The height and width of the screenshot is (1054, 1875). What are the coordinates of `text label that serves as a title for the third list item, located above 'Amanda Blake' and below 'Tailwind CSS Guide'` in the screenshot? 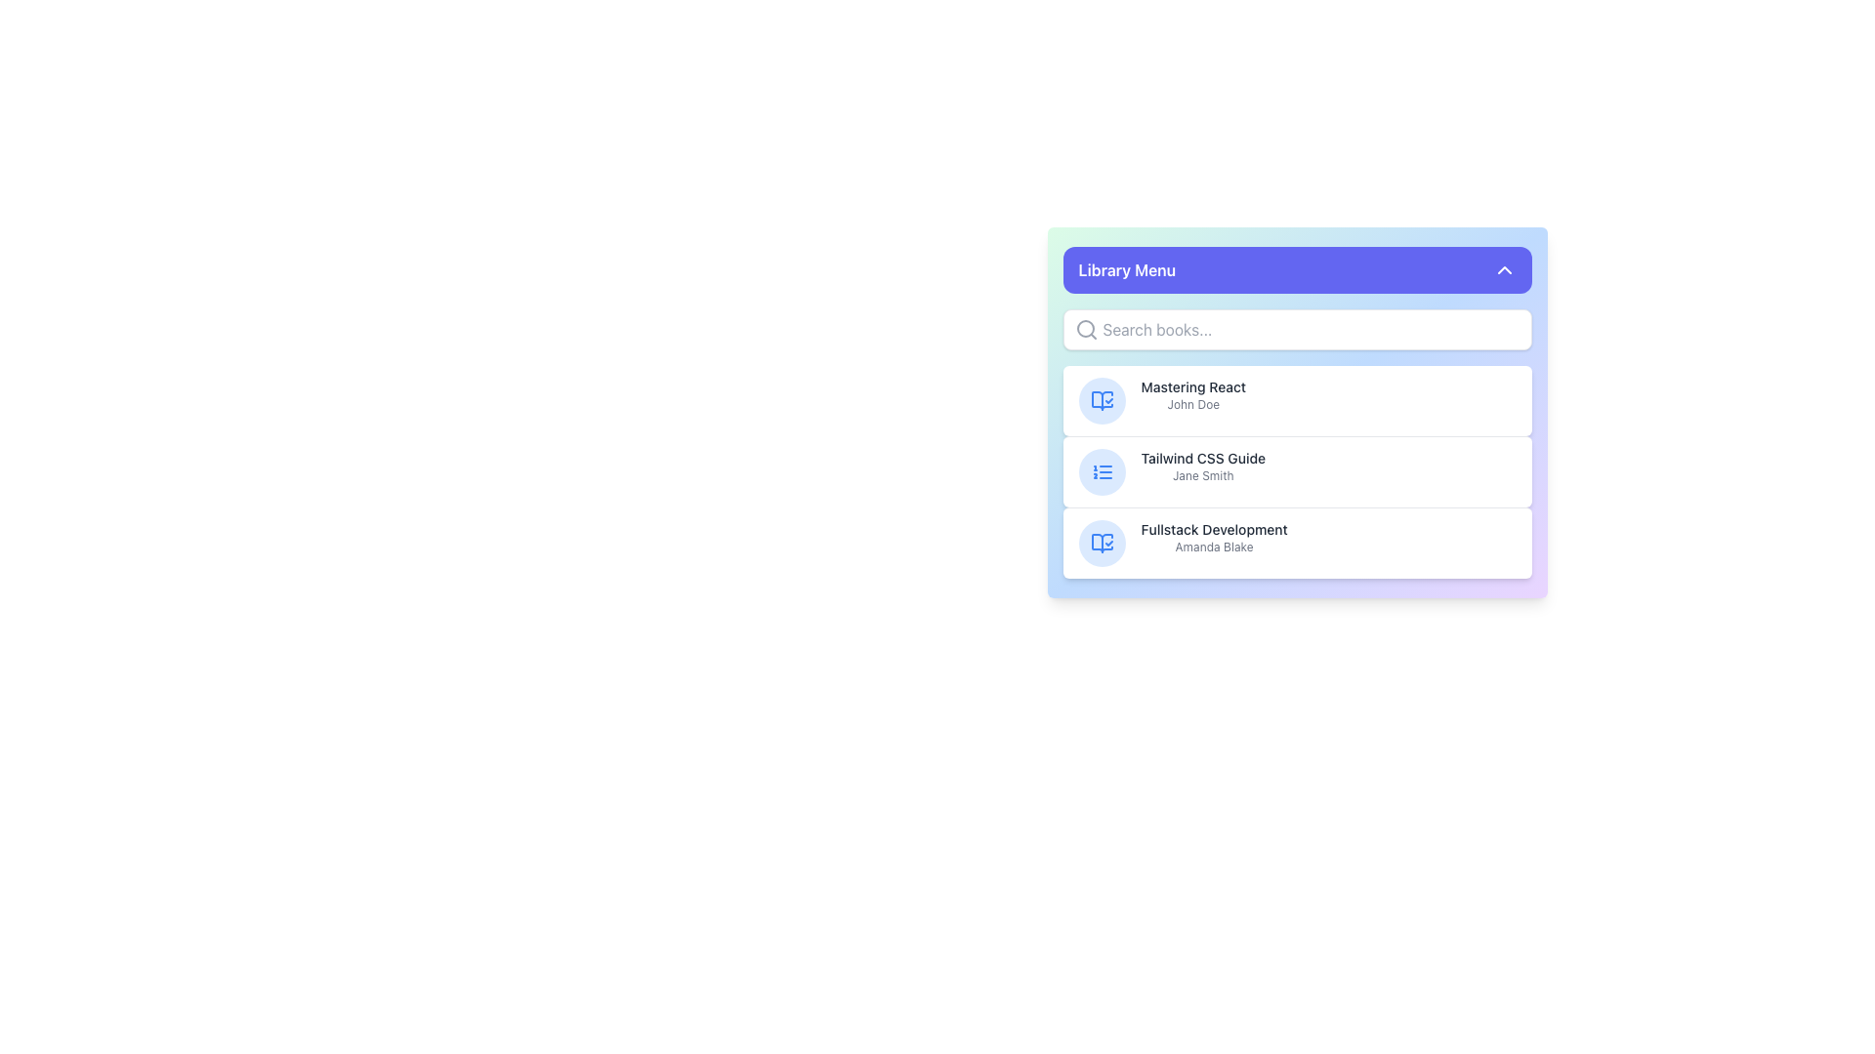 It's located at (1213, 530).